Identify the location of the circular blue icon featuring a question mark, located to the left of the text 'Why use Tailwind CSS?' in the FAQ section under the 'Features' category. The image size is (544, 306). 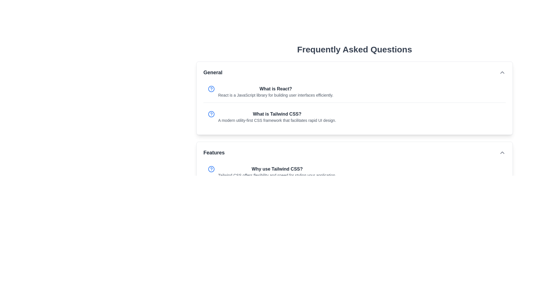
(211, 169).